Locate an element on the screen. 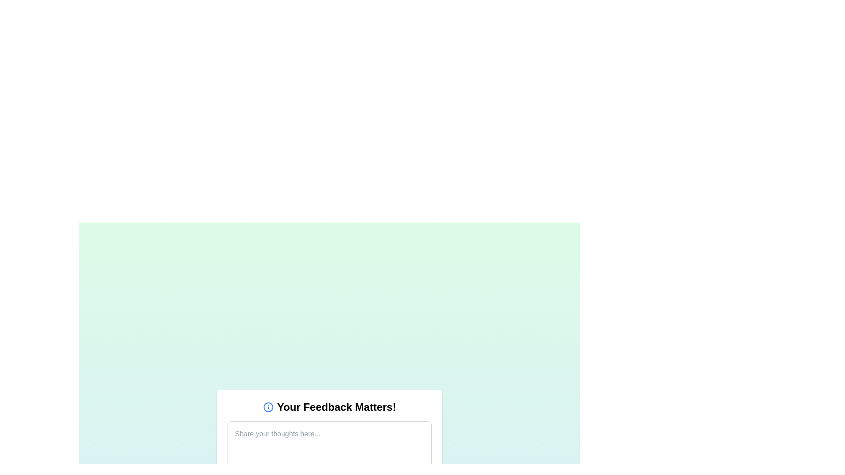 The image size is (845, 475). the text label 'Your Feedback Matters!' which is styled in bold and larger font, located at the top of the feedback form, accompanied by a blue information icon is located at coordinates (329, 407).